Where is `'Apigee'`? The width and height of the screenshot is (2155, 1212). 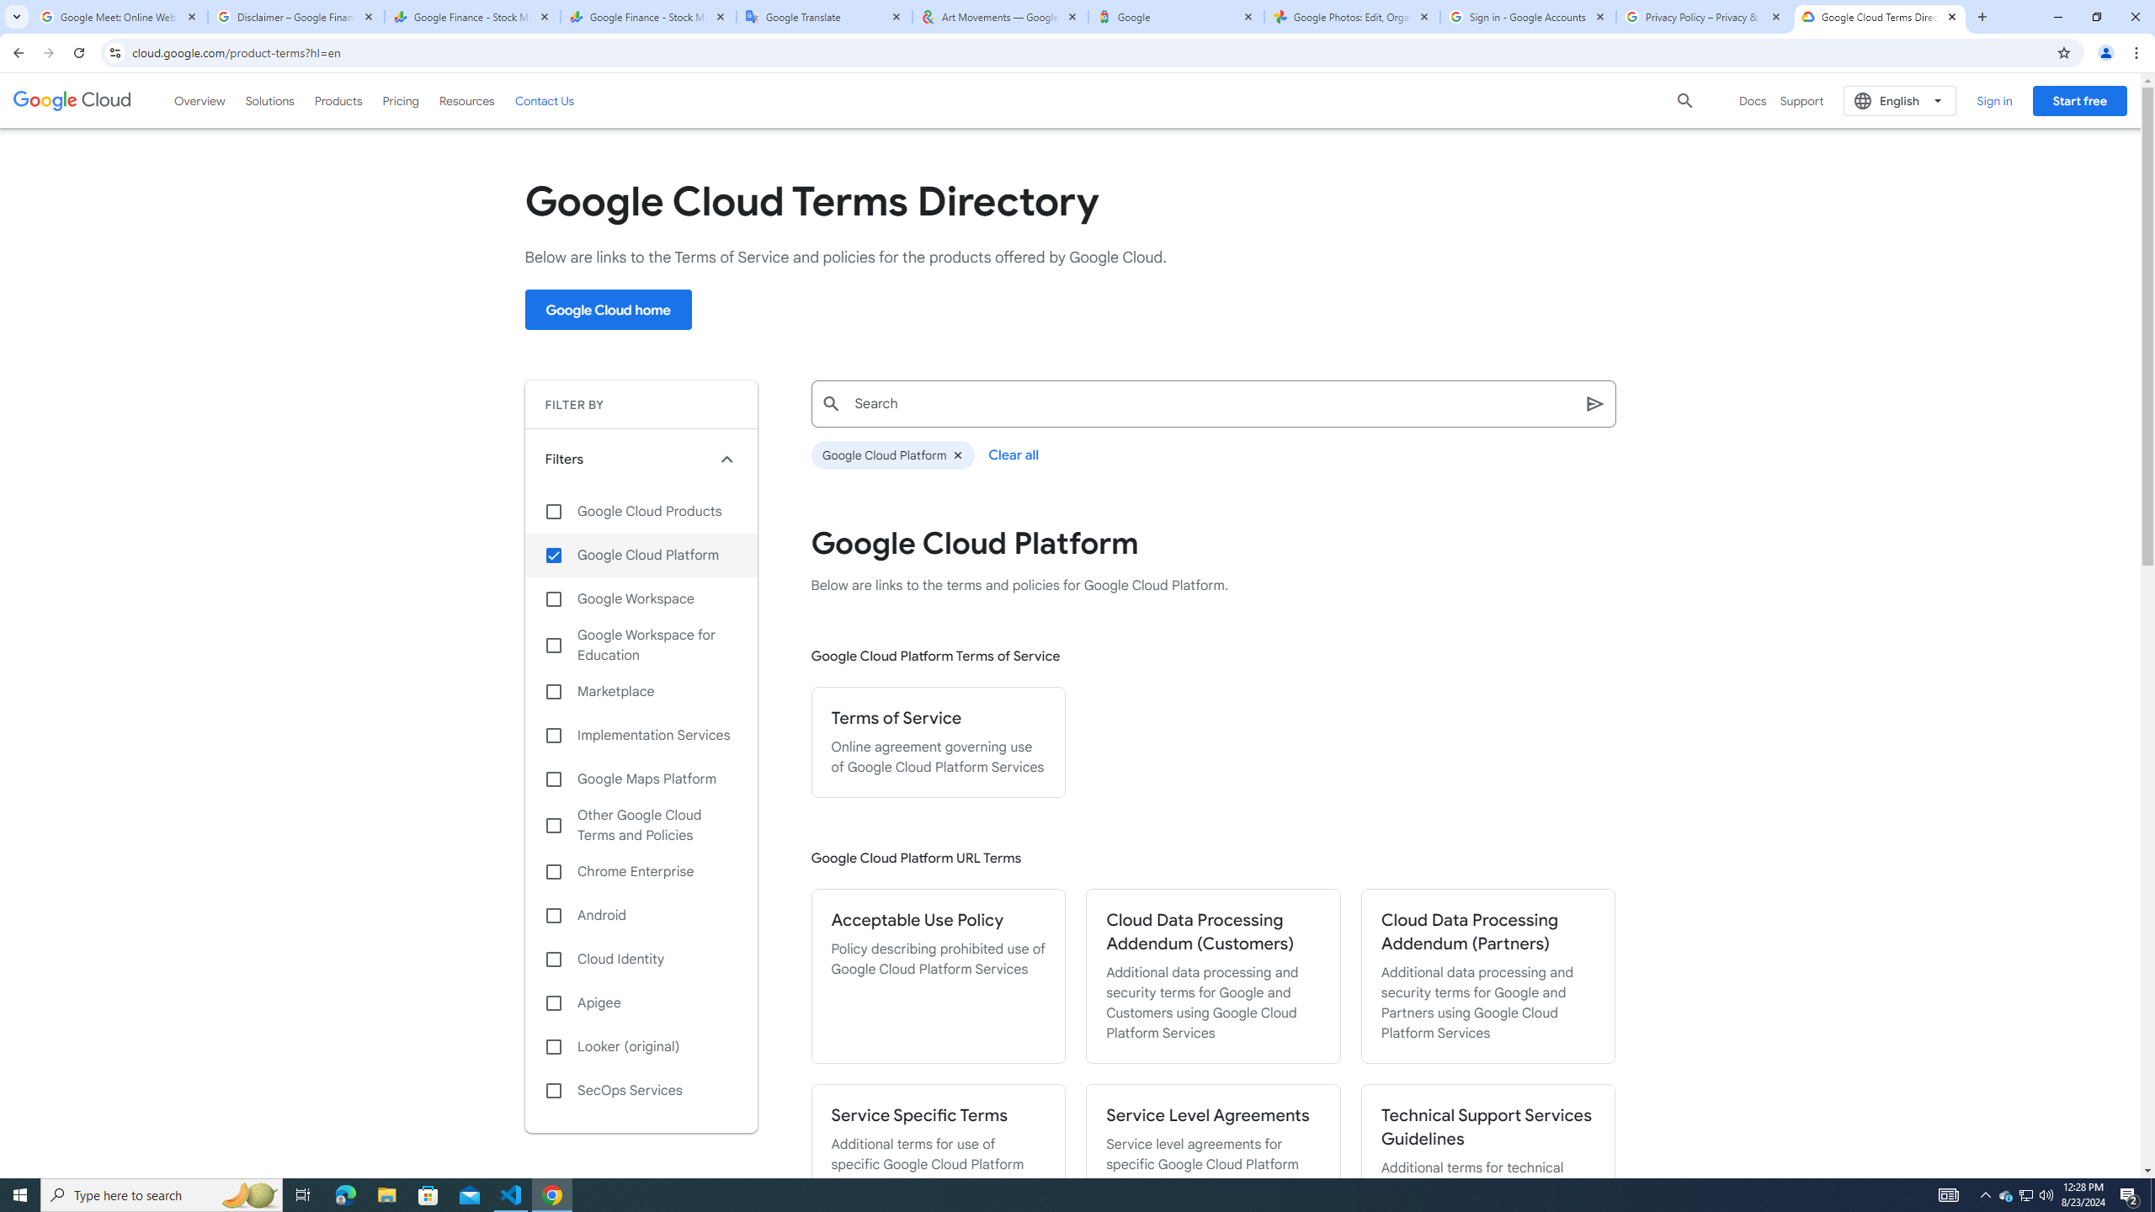 'Apigee' is located at coordinates (641, 1002).